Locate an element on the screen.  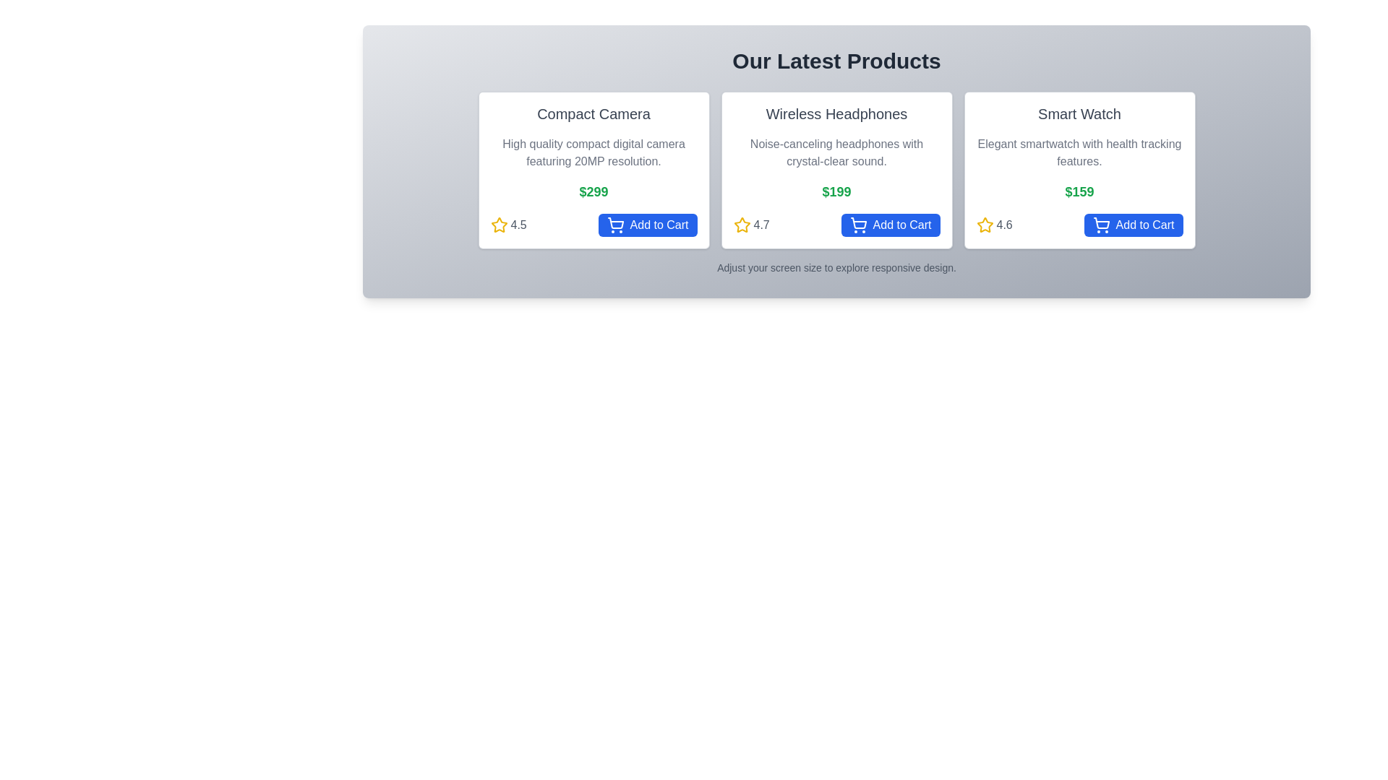
the descriptive text element that highlights the 20MP resolution of the 'Compact Camera' product, located between the title and the price is located at coordinates (594, 153).